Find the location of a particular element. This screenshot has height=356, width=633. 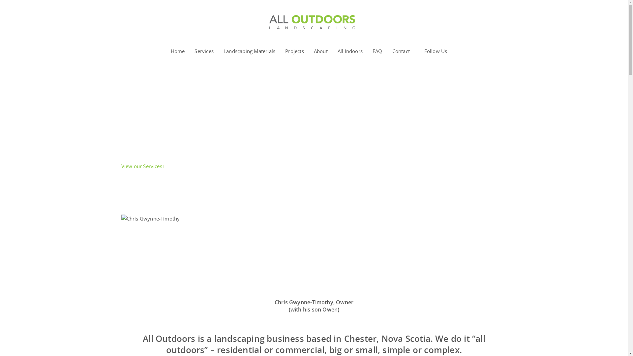

'Landscaping Materials' is located at coordinates (223, 50).